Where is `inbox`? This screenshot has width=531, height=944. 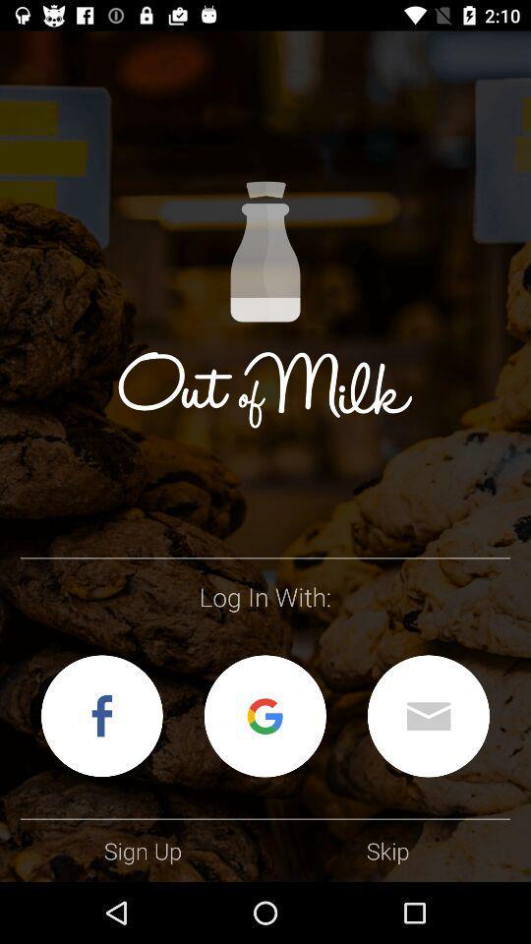
inbox is located at coordinates (427, 715).